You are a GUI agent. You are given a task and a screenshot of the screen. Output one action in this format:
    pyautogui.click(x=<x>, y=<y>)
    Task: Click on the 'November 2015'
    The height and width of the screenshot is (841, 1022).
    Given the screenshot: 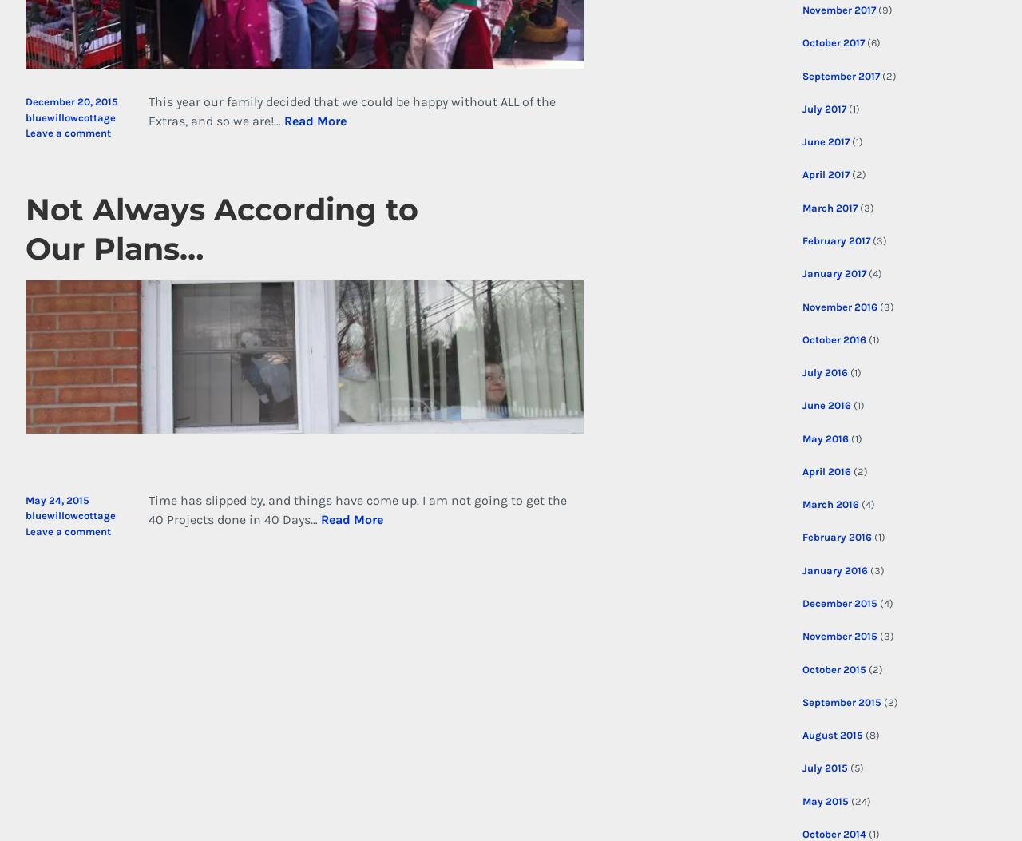 What is the action you would take?
    pyautogui.click(x=838, y=636)
    